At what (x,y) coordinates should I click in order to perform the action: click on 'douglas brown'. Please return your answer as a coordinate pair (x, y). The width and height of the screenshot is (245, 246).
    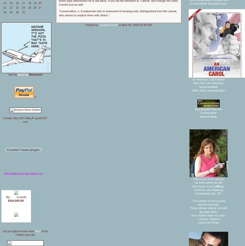
    Looking at the image, I should click on (109, 24).